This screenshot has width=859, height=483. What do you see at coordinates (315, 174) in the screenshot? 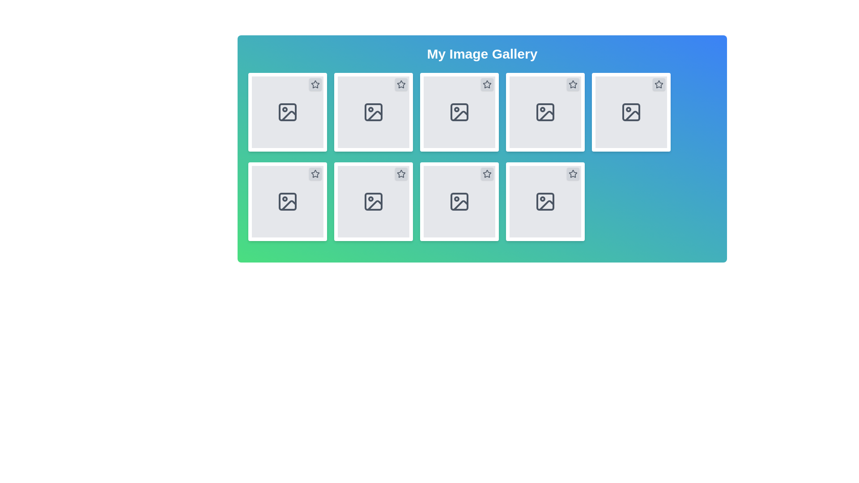
I see `the star-shaped icon button located at the top-right corner of the bottom-left image in the grid layout` at bounding box center [315, 174].